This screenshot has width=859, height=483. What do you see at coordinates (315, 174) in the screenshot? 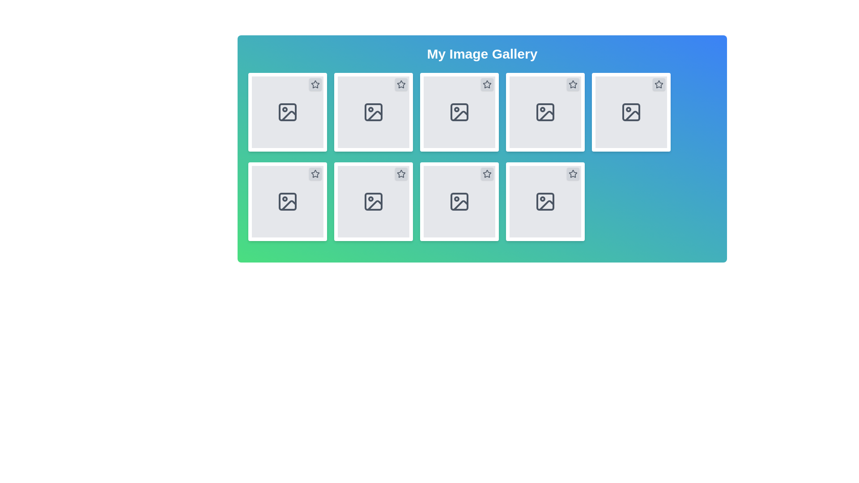
I see `the star-shaped icon button located at the top-right corner of the bottom-left image in the grid layout` at bounding box center [315, 174].